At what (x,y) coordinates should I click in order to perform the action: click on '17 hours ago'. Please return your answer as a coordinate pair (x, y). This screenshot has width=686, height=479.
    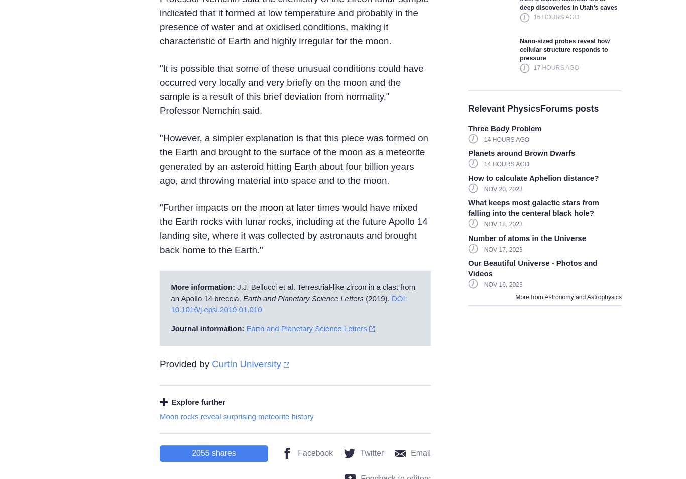
    Looking at the image, I should click on (555, 67).